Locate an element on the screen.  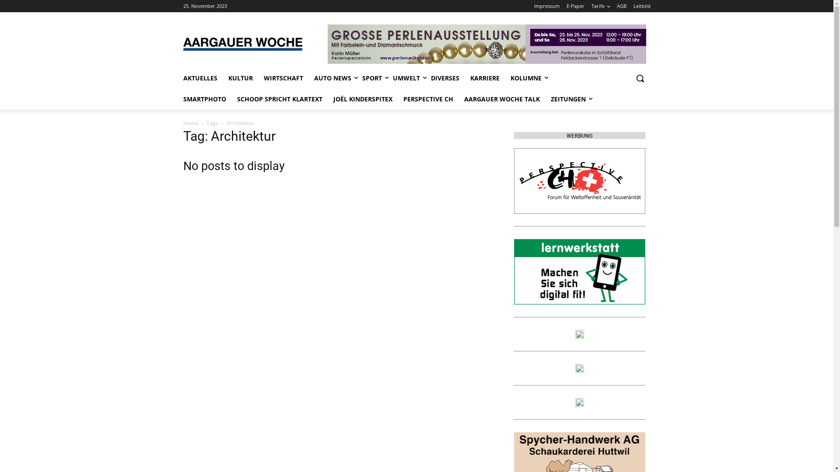
'Tarife' is located at coordinates (600, 6).